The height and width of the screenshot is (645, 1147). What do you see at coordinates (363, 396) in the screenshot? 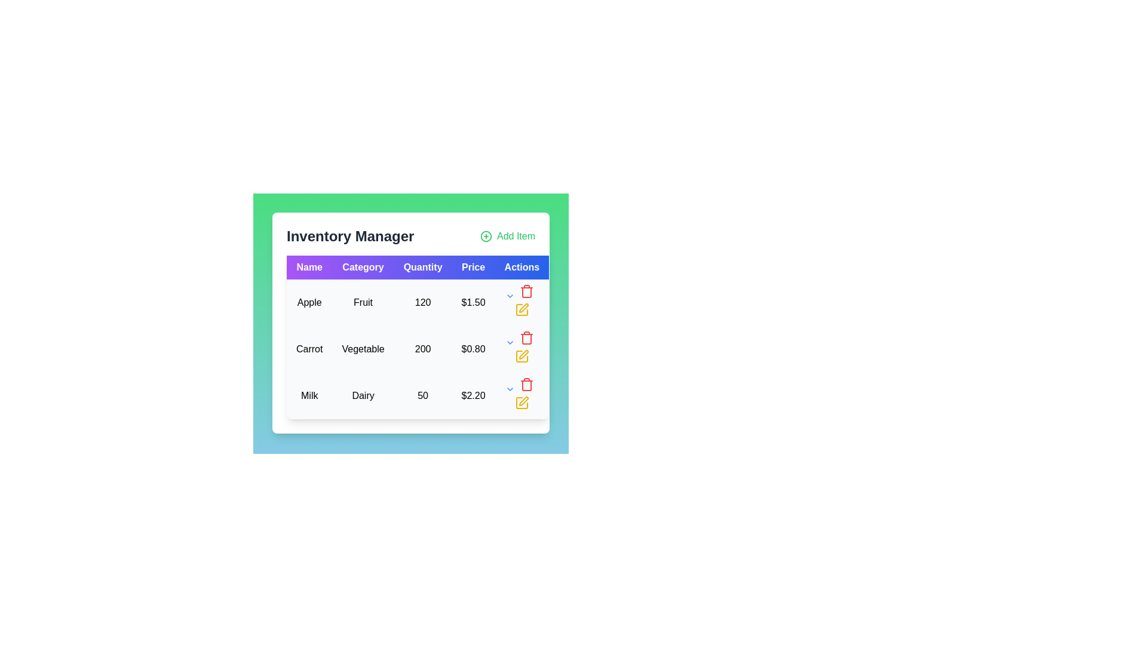
I see `the text label that displays 'Dairy', which is the second item in the row for 'Milk' in the table under the 'Category' column` at bounding box center [363, 396].